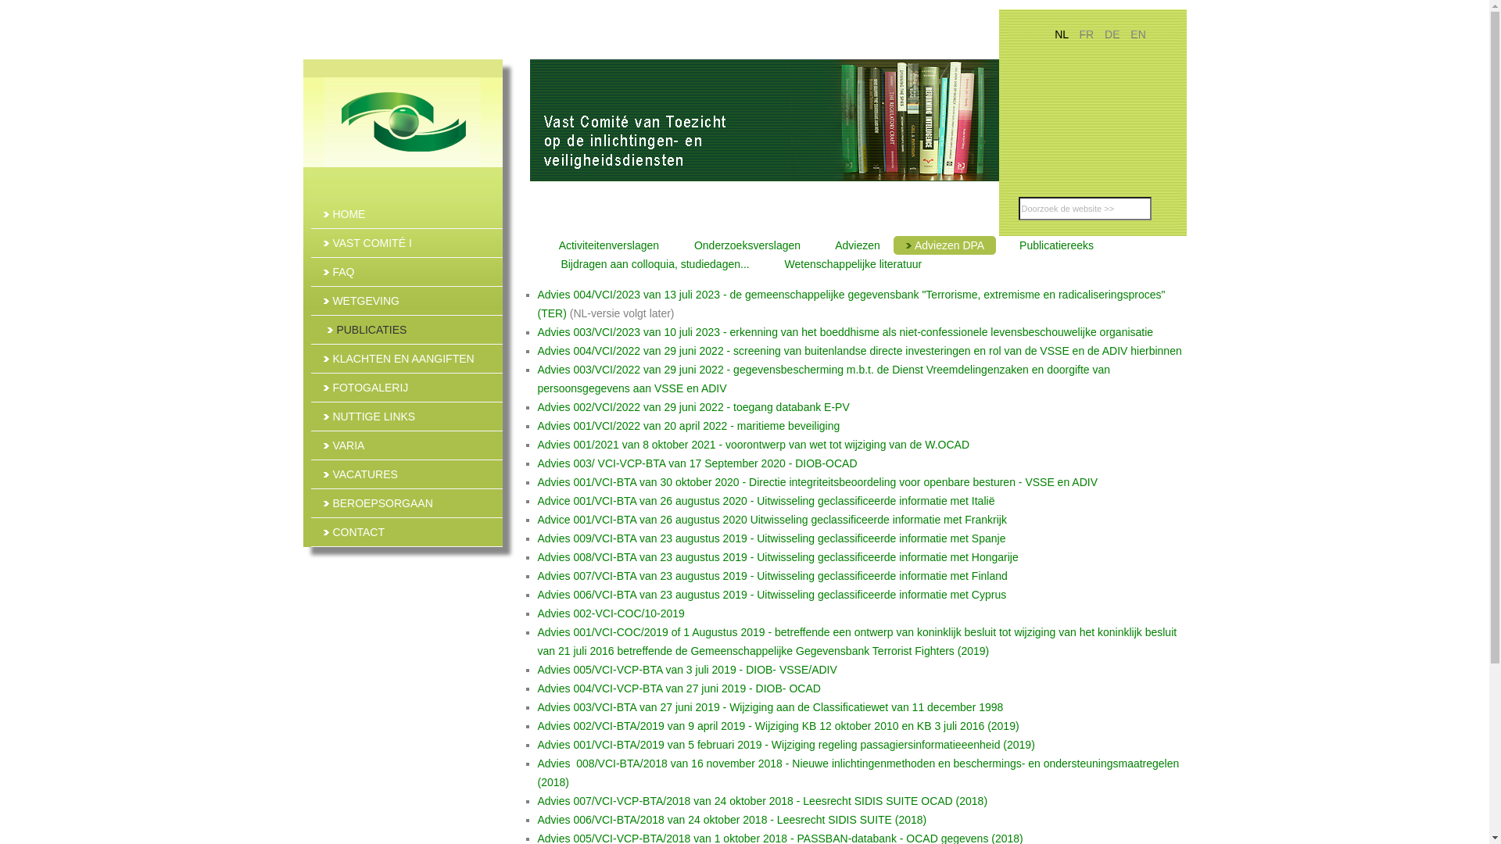 This screenshot has height=844, width=1501. What do you see at coordinates (944, 245) in the screenshot?
I see `'Adviezen DPA'` at bounding box center [944, 245].